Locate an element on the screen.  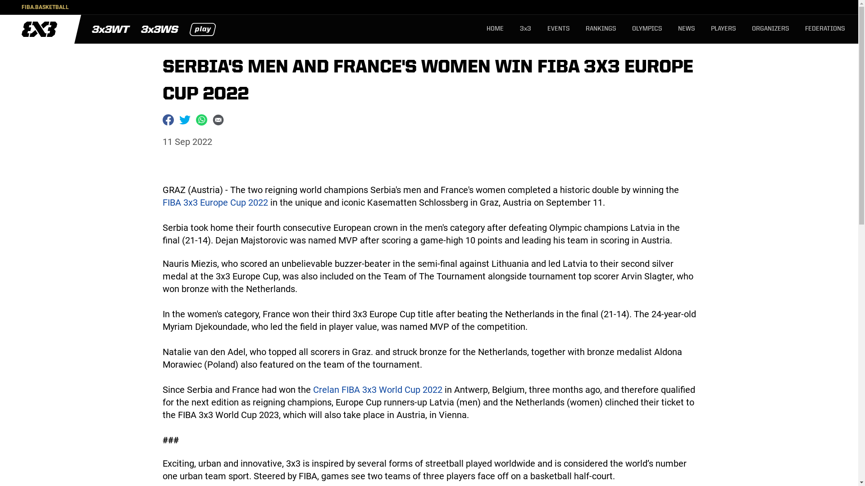
'NEWS' is located at coordinates (686, 28).